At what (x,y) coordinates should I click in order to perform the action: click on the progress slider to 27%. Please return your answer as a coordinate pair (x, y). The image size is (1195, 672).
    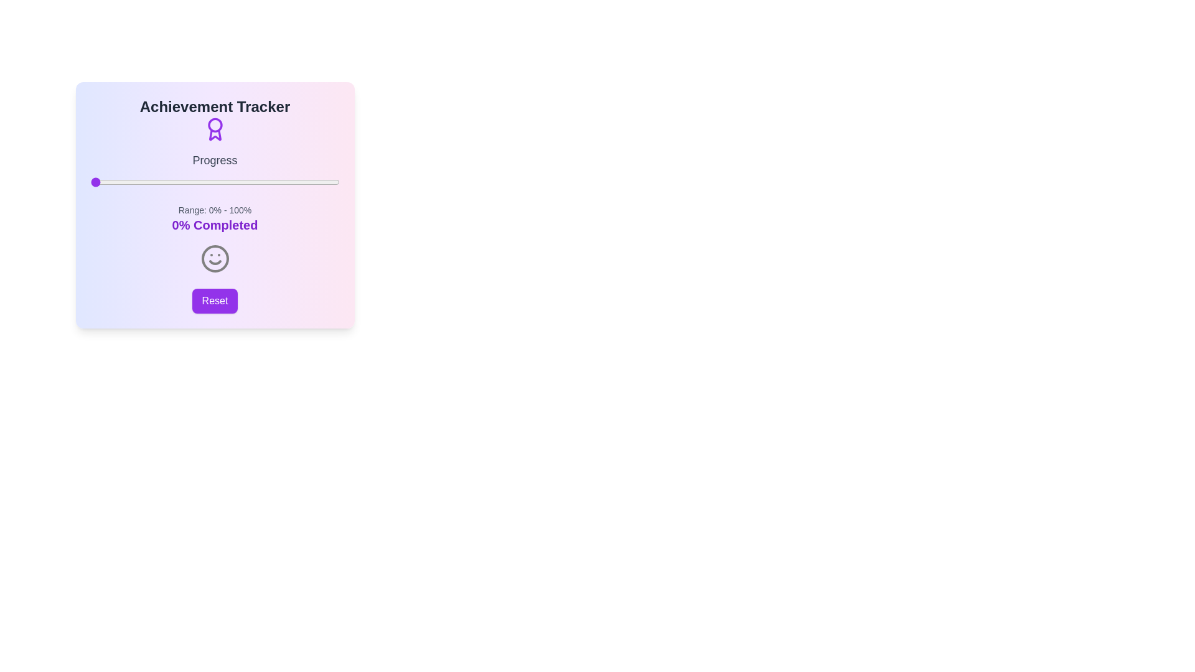
    Looking at the image, I should click on (157, 182).